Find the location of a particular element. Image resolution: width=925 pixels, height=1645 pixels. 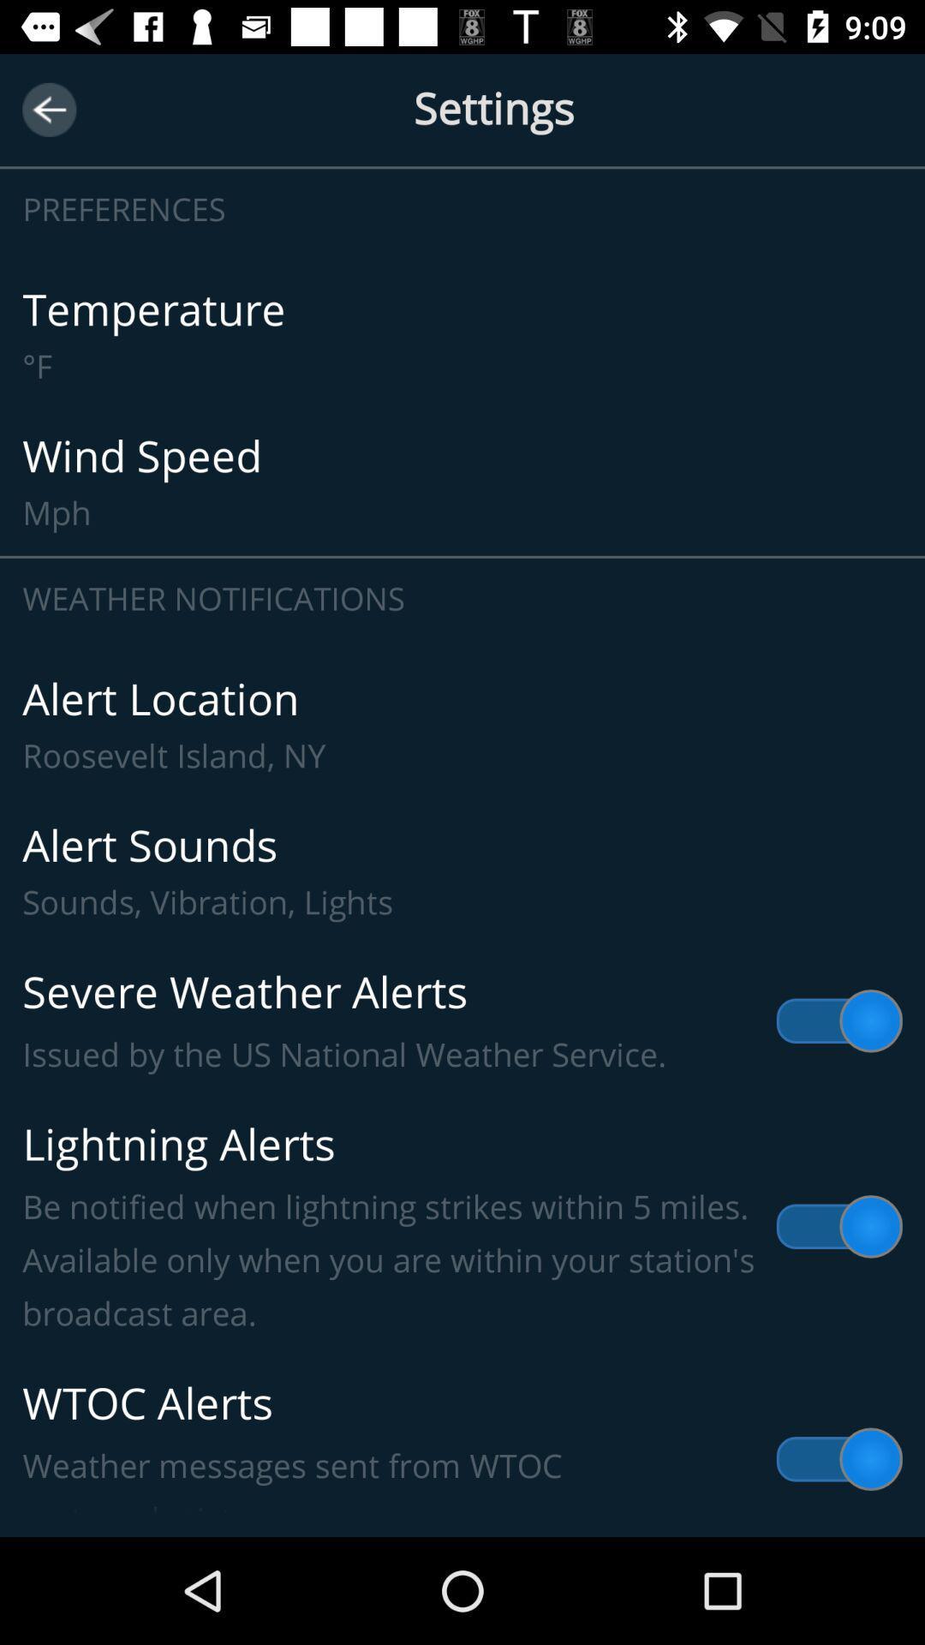

wind speed is located at coordinates (462, 482).